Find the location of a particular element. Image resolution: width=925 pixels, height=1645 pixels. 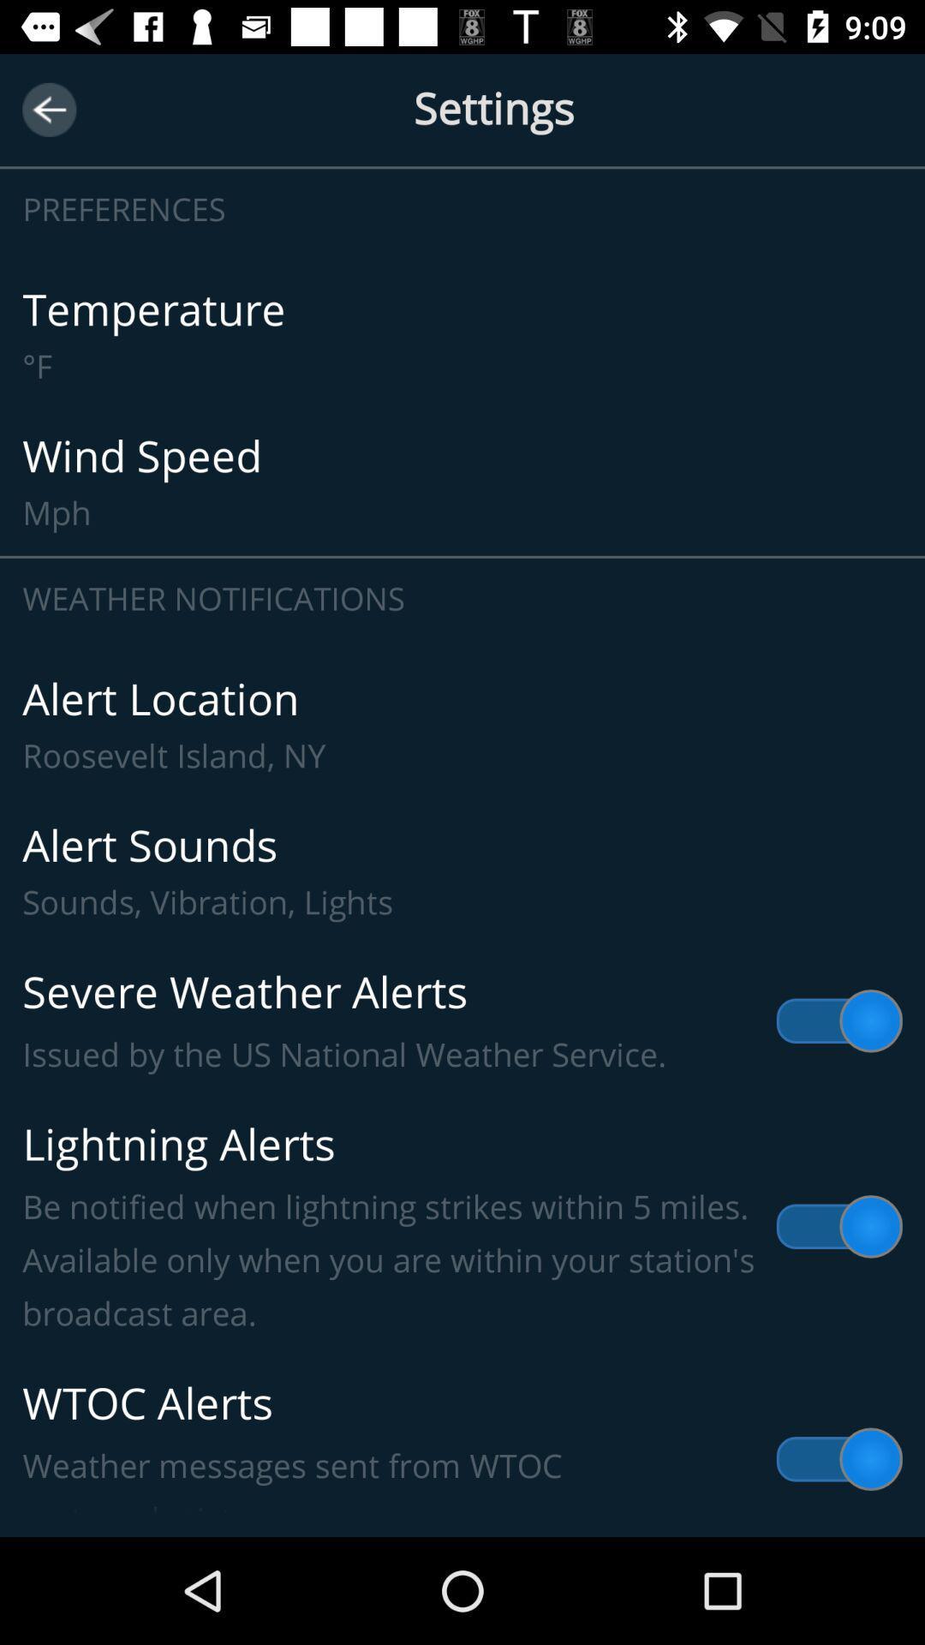

wind speed is located at coordinates (462, 482).